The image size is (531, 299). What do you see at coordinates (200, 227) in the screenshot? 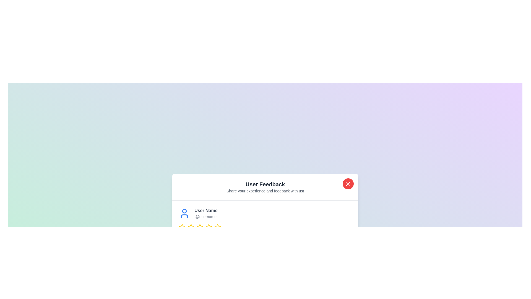
I see `the fourth star-shaped icon in the sequence of five stars, which is styled in yellow and located below the 'User Name' text in the central feedback dialog box` at bounding box center [200, 227].